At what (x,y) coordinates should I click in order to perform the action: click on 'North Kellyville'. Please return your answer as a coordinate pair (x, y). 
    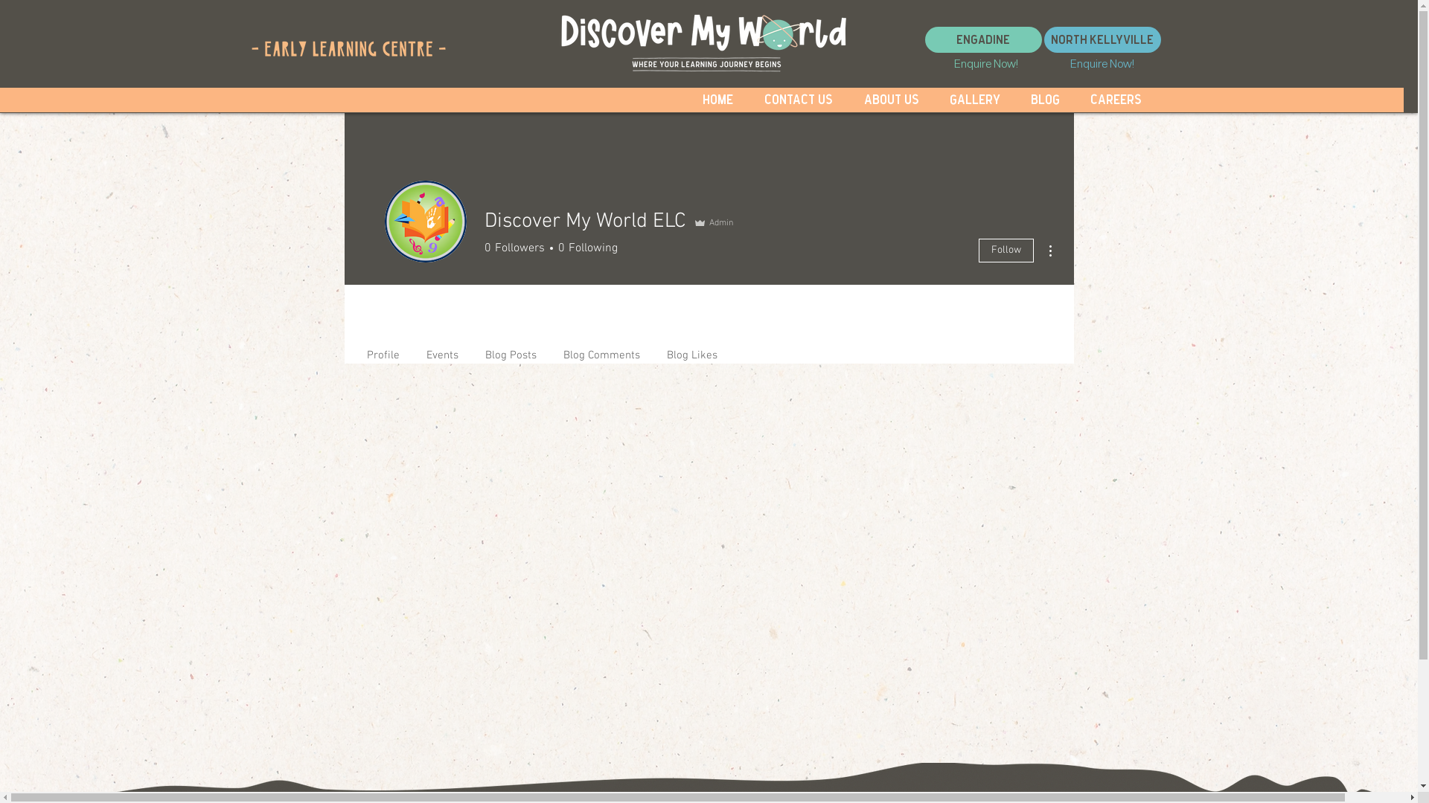
    Looking at the image, I should click on (1102, 39).